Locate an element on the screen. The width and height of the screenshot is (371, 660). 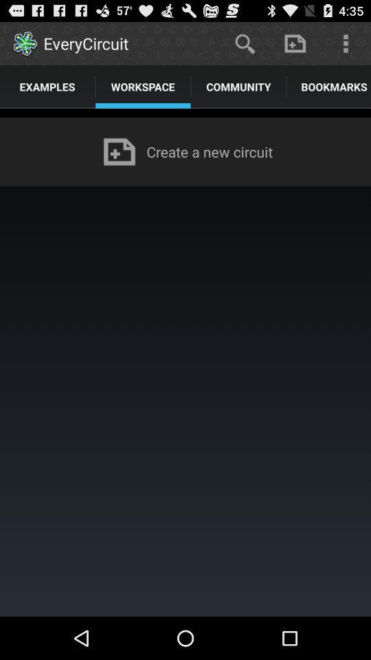
the app next to the everycircuit app is located at coordinates (244, 43).